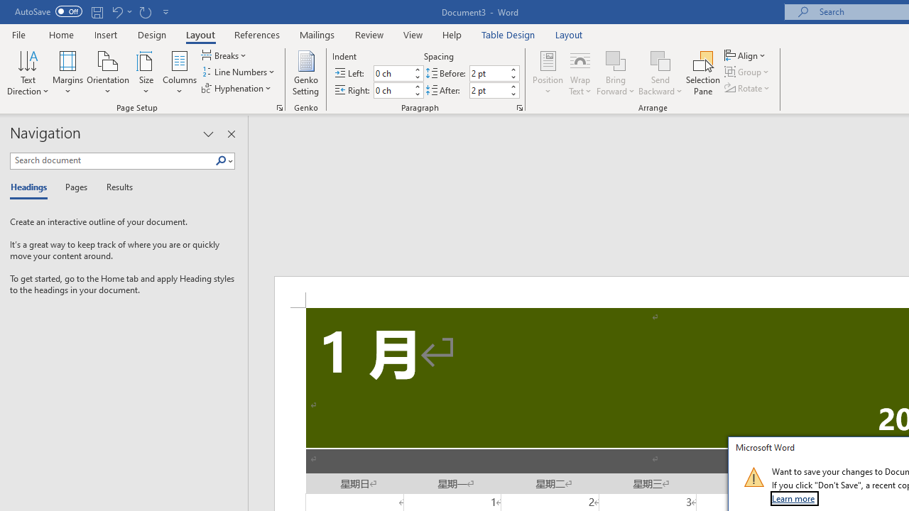 Image resolution: width=909 pixels, height=511 pixels. Describe the element at coordinates (748, 72) in the screenshot. I see `'Group'` at that location.